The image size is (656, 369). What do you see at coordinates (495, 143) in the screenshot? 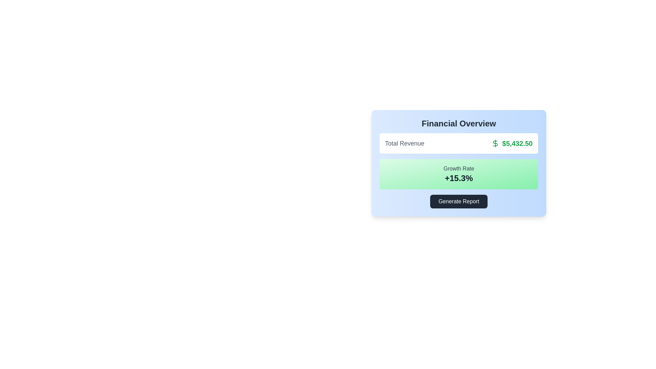
I see `the monetary value icon located in the middle of the financial overview card, directly to the left of the text '$5,432.50'` at bounding box center [495, 143].